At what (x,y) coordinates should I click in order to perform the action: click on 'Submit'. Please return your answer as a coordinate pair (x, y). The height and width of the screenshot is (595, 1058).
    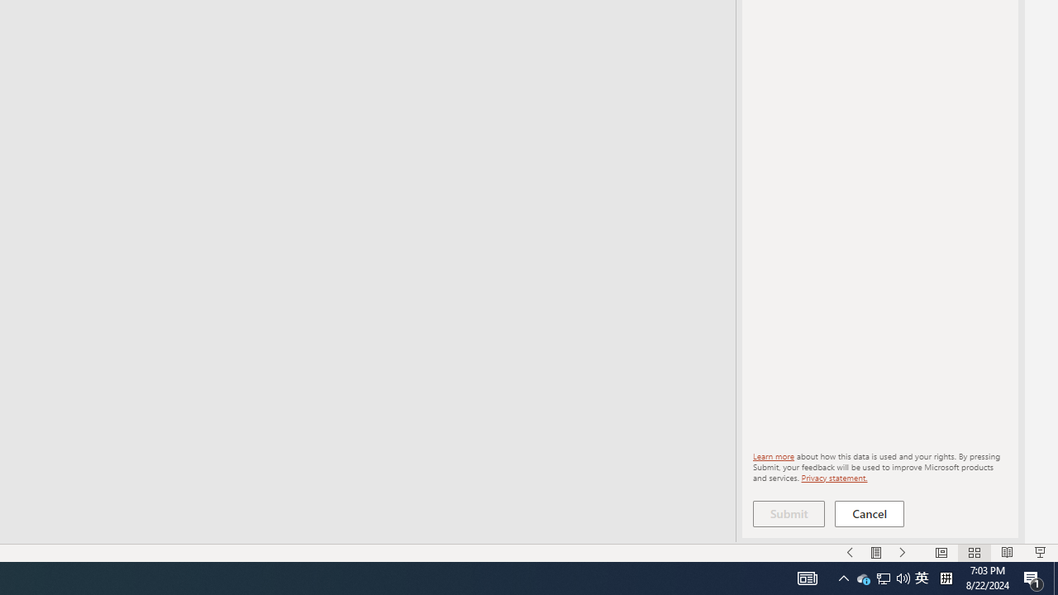
    Looking at the image, I should click on (788, 513).